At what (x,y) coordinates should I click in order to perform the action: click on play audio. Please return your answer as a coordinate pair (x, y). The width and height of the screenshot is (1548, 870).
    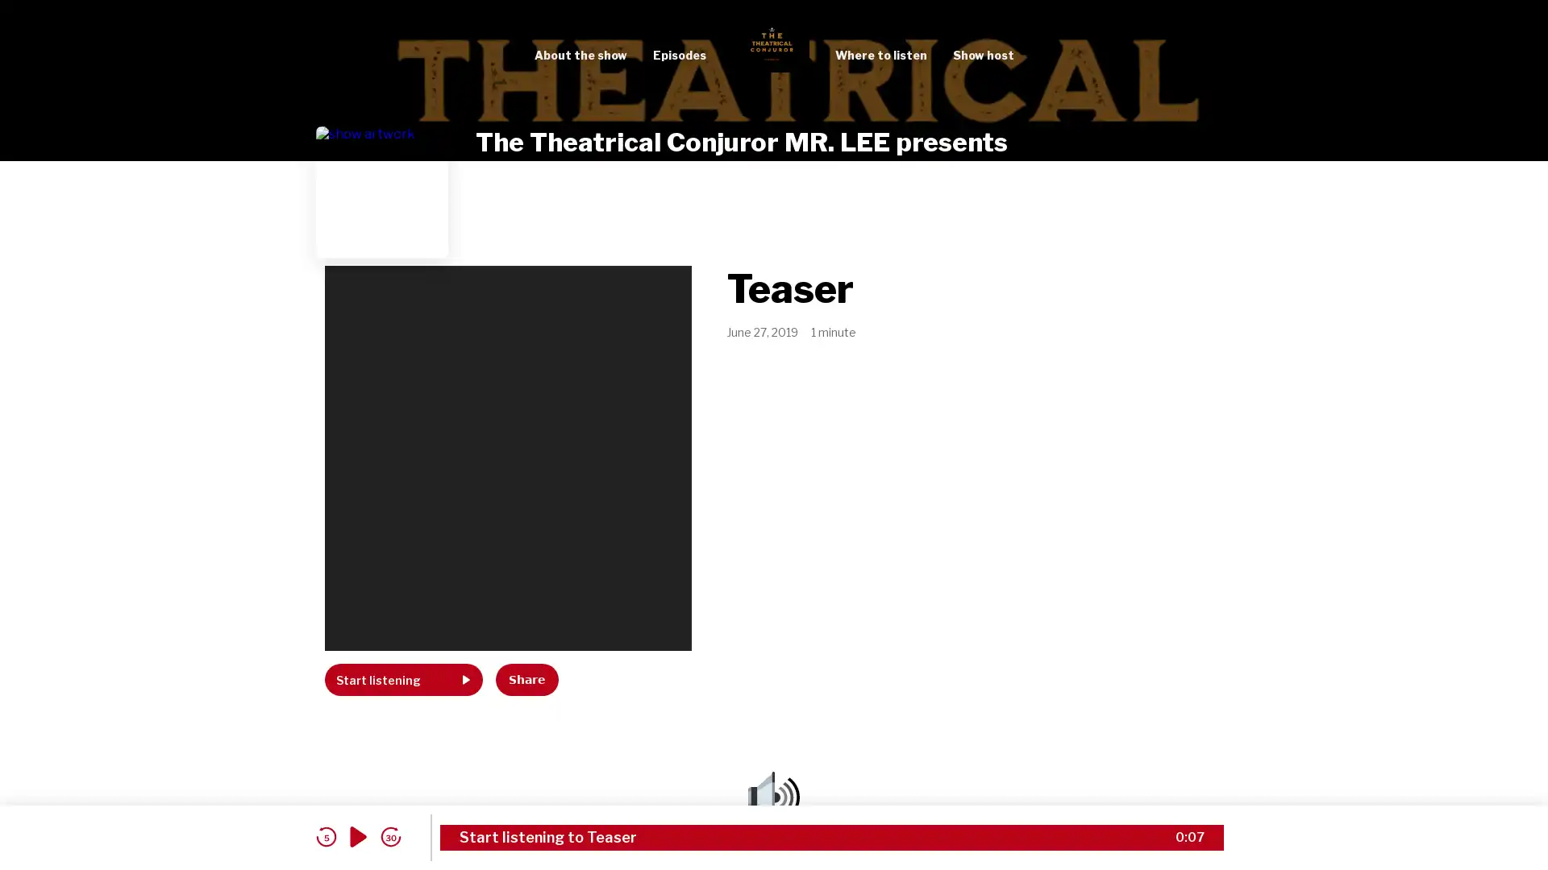
    Looking at the image, I should click on (358, 836).